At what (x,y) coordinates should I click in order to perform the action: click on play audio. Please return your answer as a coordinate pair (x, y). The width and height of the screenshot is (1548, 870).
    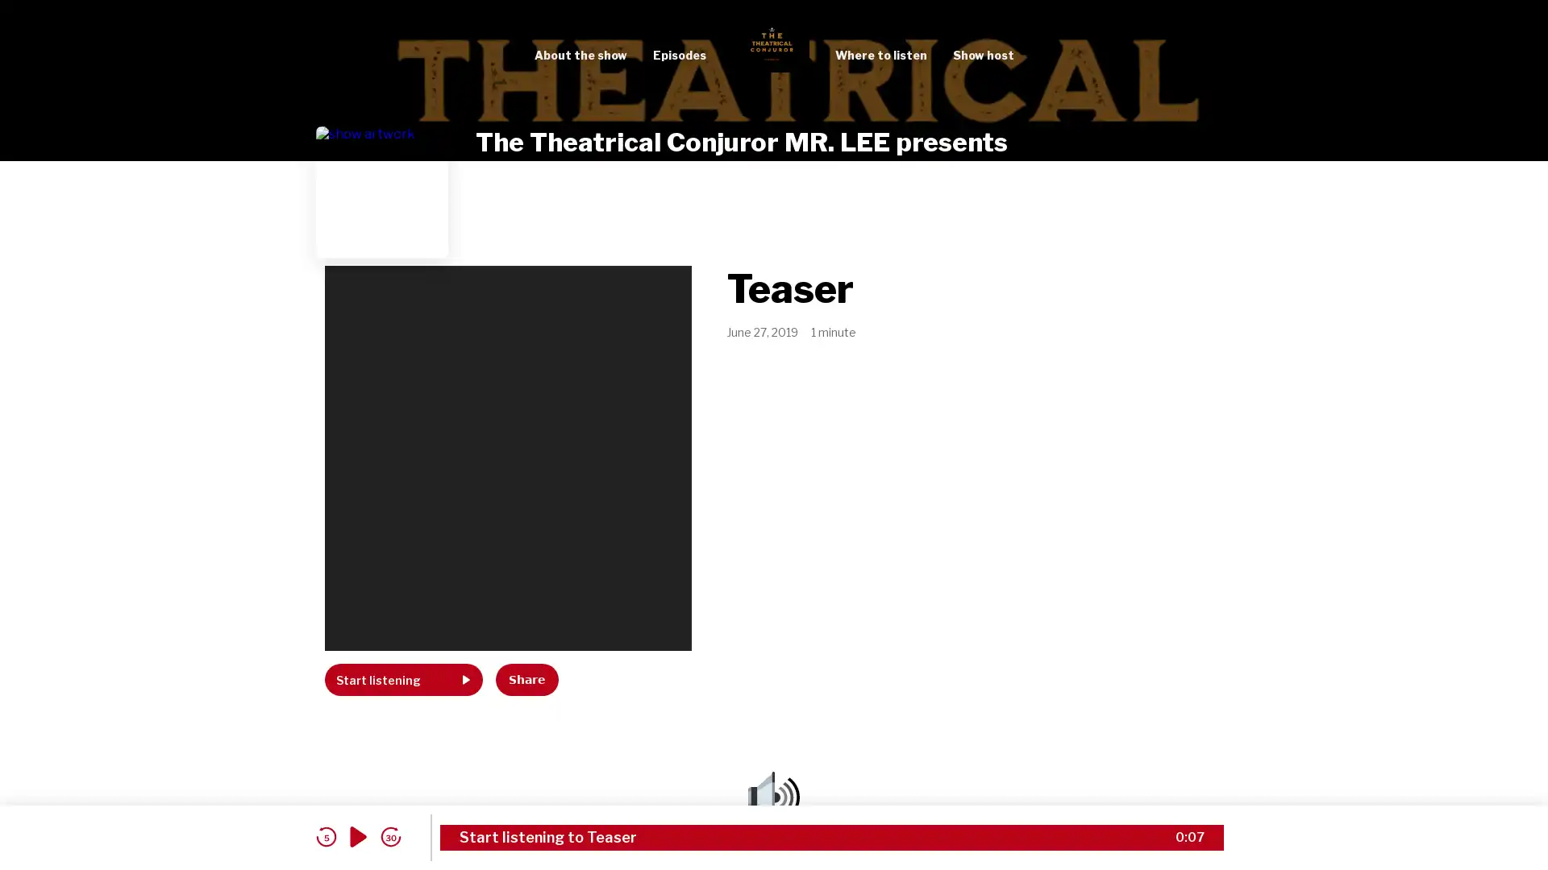
    Looking at the image, I should click on (358, 836).